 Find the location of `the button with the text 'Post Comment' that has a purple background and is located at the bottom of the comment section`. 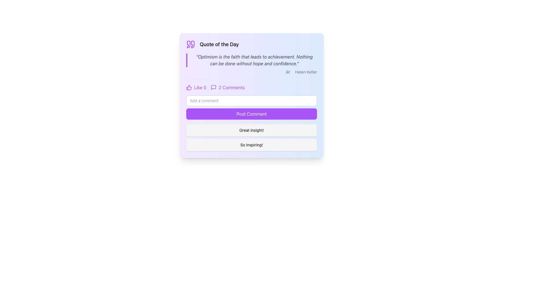

the button with the text 'Post Comment' that has a purple background and is located at the bottom of the comment section is located at coordinates (251, 107).